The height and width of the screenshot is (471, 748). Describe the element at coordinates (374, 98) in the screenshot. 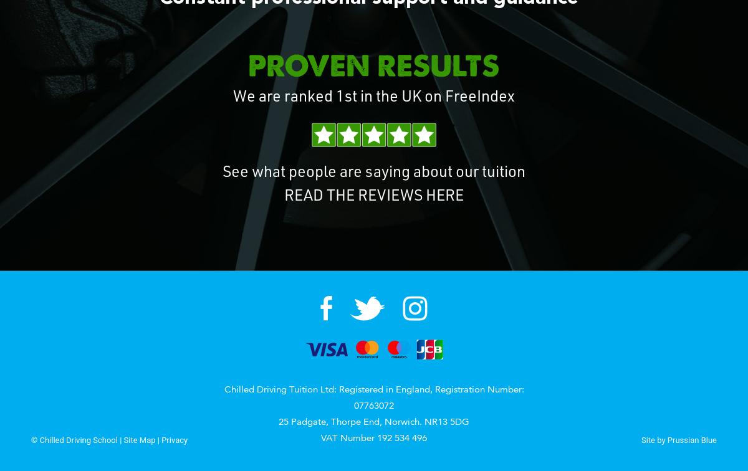

I see `'We are ranked 1st in the UK on FreeIndex'` at that location.